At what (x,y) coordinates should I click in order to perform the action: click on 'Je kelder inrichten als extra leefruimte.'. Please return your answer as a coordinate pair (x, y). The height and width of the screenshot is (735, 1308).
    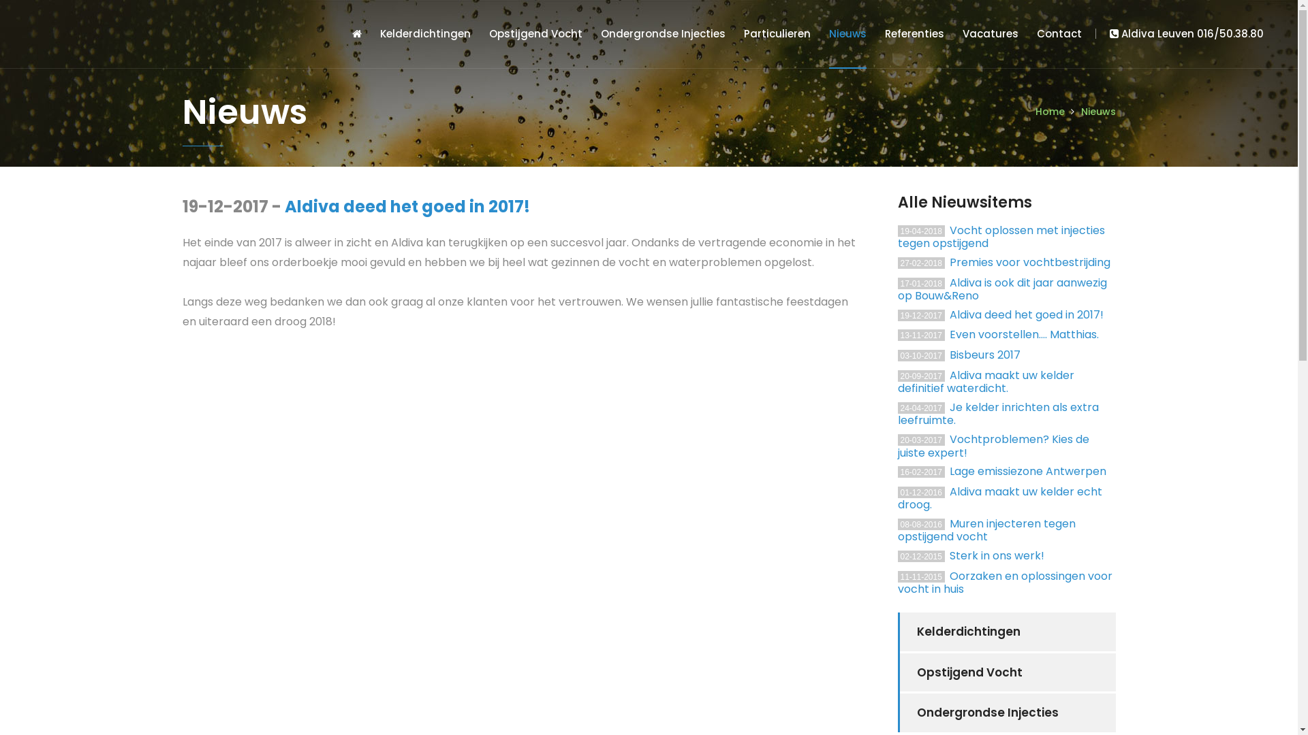
    Looking at the image, I should click on (998, 413).